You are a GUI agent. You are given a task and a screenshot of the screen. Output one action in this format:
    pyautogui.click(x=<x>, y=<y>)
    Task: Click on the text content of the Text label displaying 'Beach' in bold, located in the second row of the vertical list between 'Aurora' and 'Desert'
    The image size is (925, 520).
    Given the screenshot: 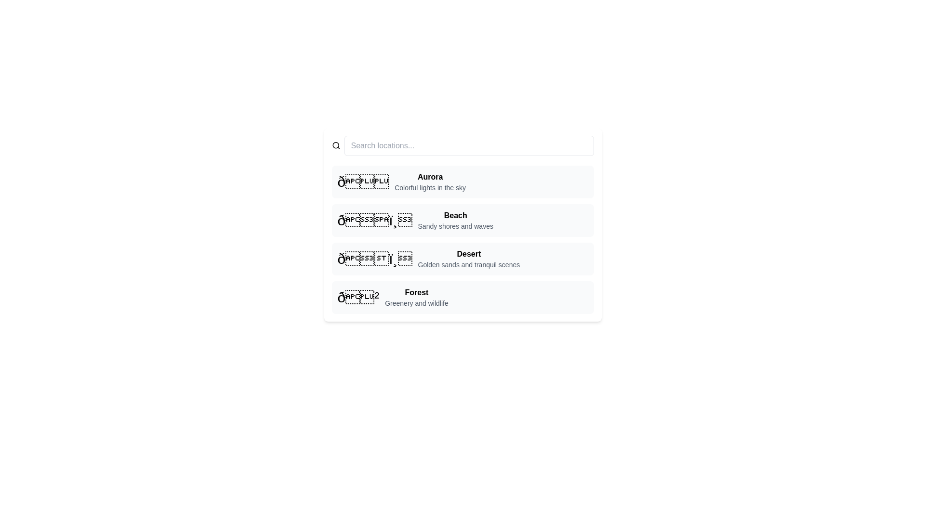 What is the action you would take?
    pyautogui.click(x=455, y=221)
    